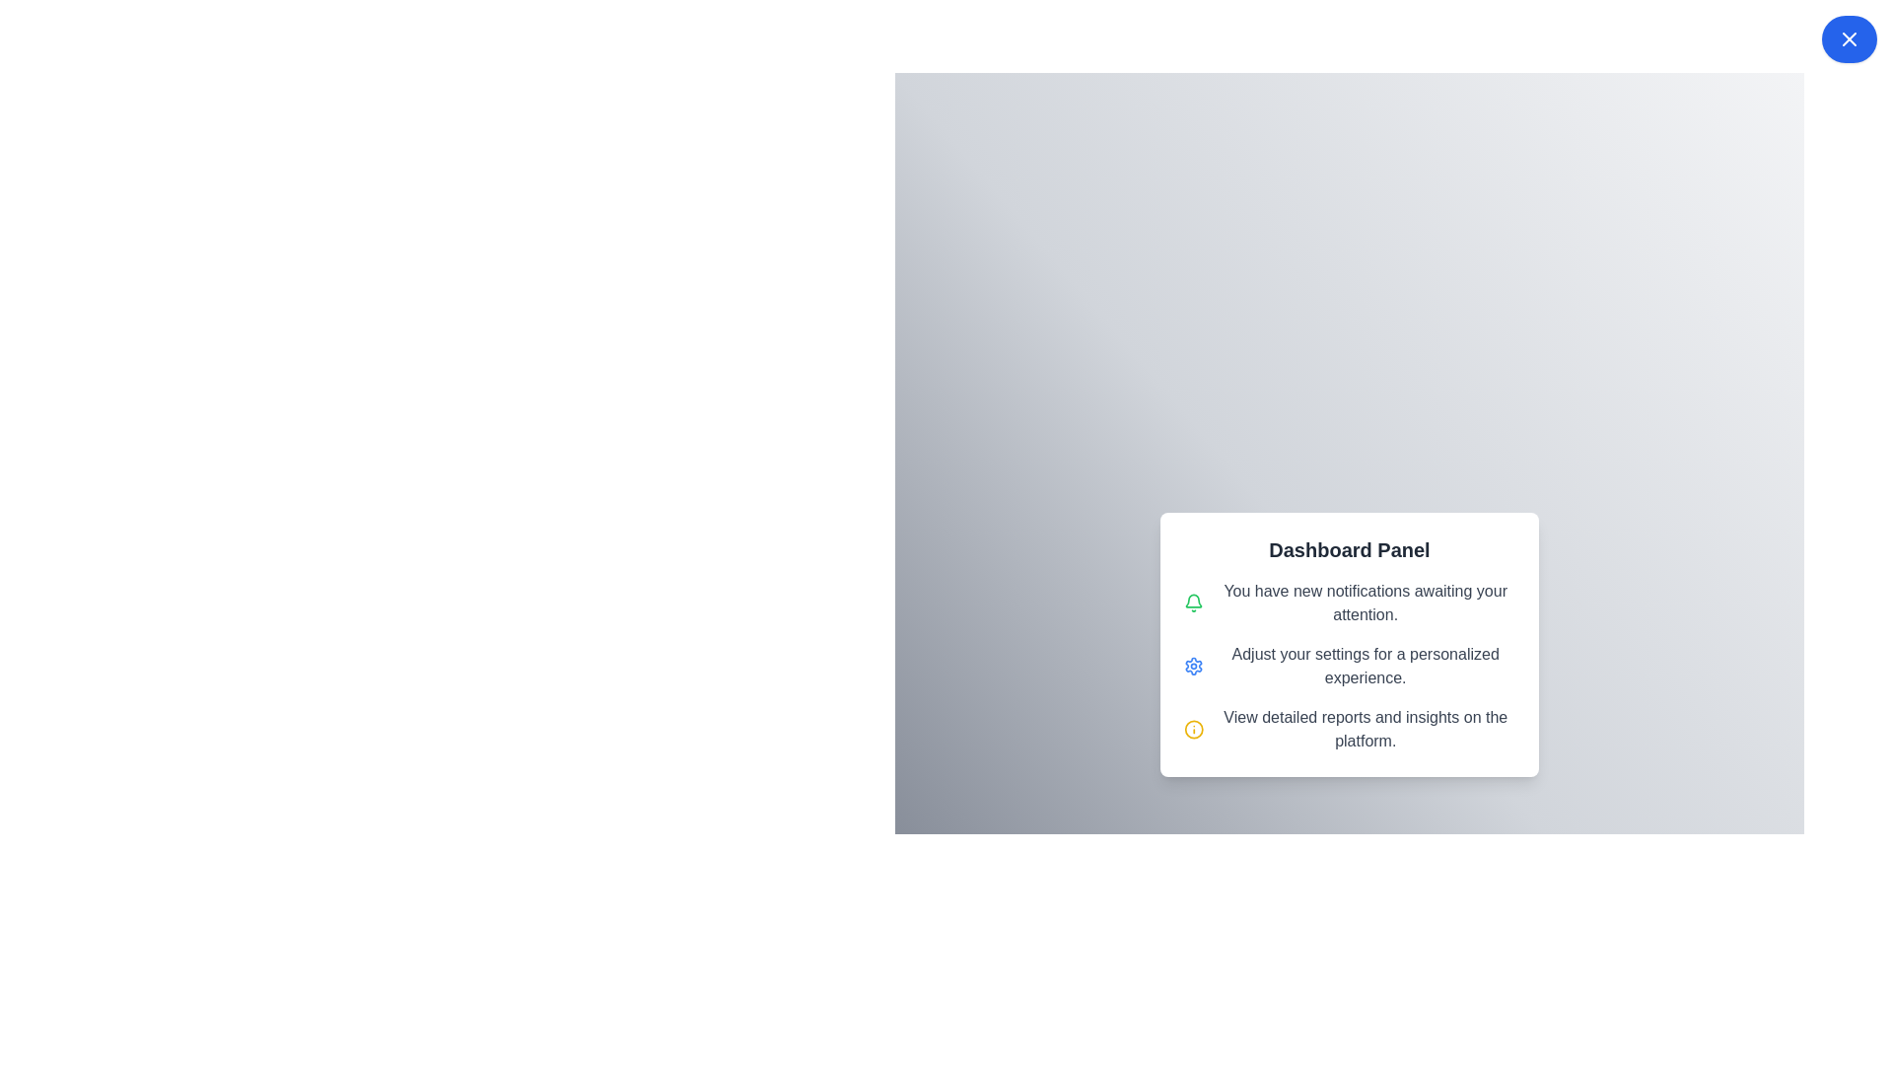  Describe the element at coordinates (1348, 666) in the screenshot. I see `the informational text that reads 'Adjust your settings for a personalized experience' accompanied by a blue gear icon` at that location.